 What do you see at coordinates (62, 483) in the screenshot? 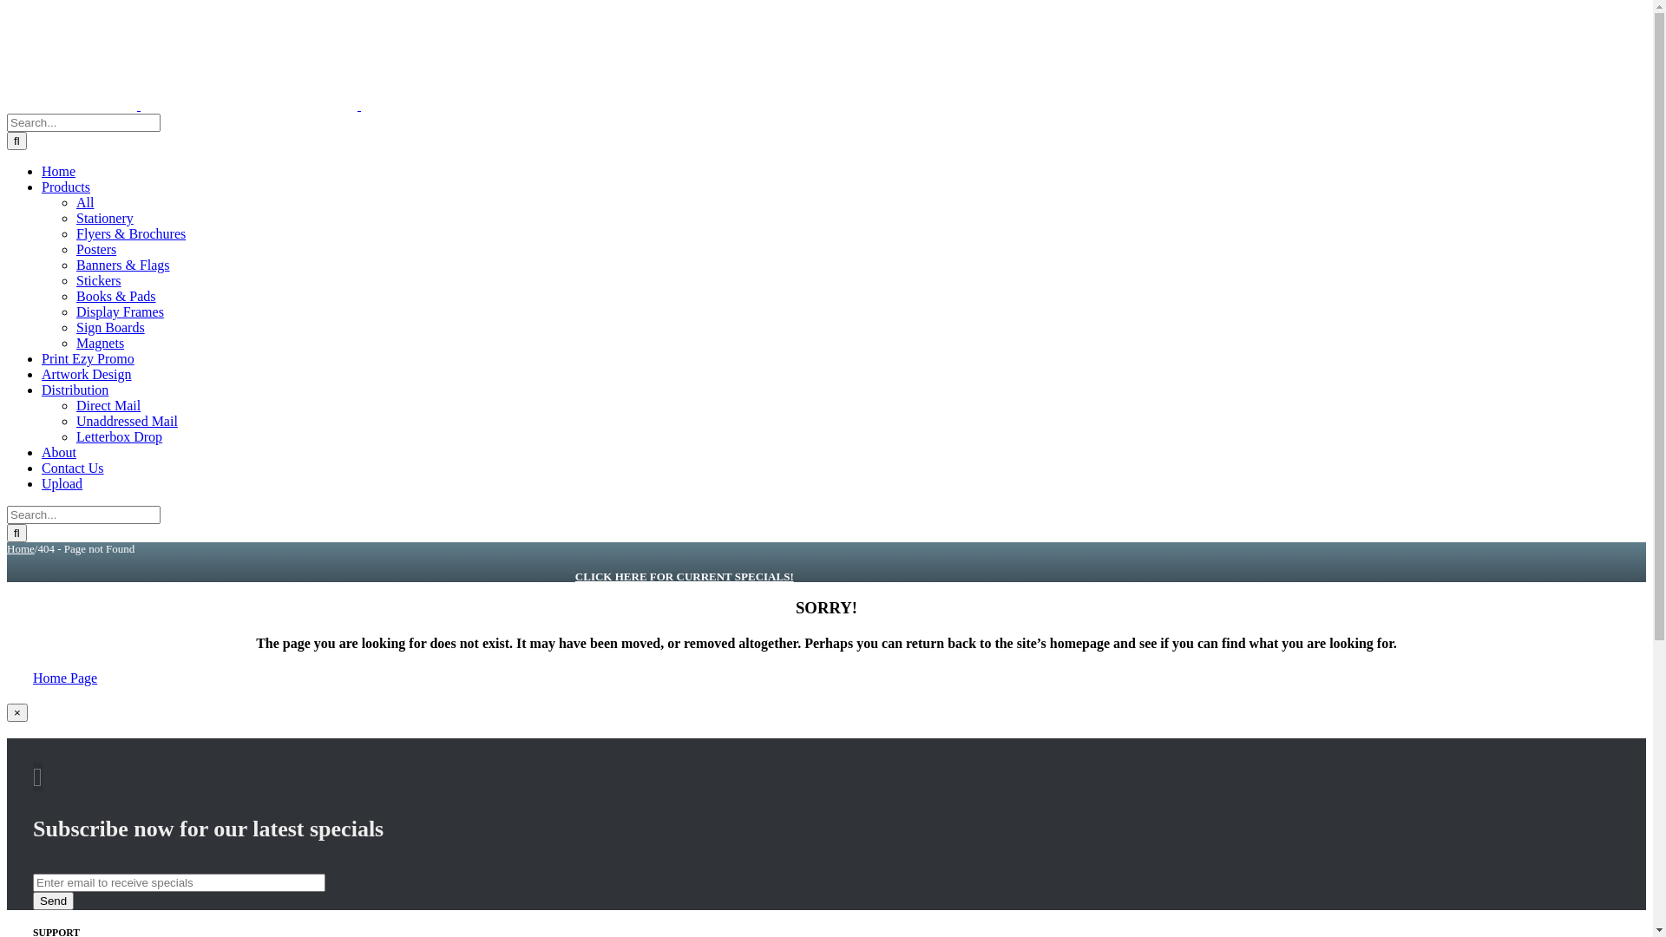
I see `'Upload'` at bounding box center [62, 483].